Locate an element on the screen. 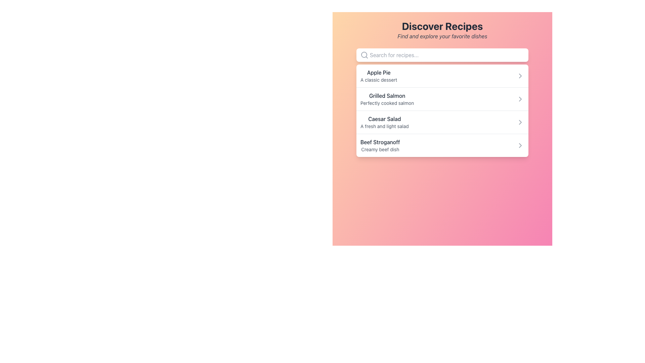 The height and width of the screenshot is (363, 645). text content of the 'Caesar Salad' label, which is displayed in a medium font weight with a dark gray color within the list of recipes under 'Discover Recipes' is located at coordinates (384, 119).